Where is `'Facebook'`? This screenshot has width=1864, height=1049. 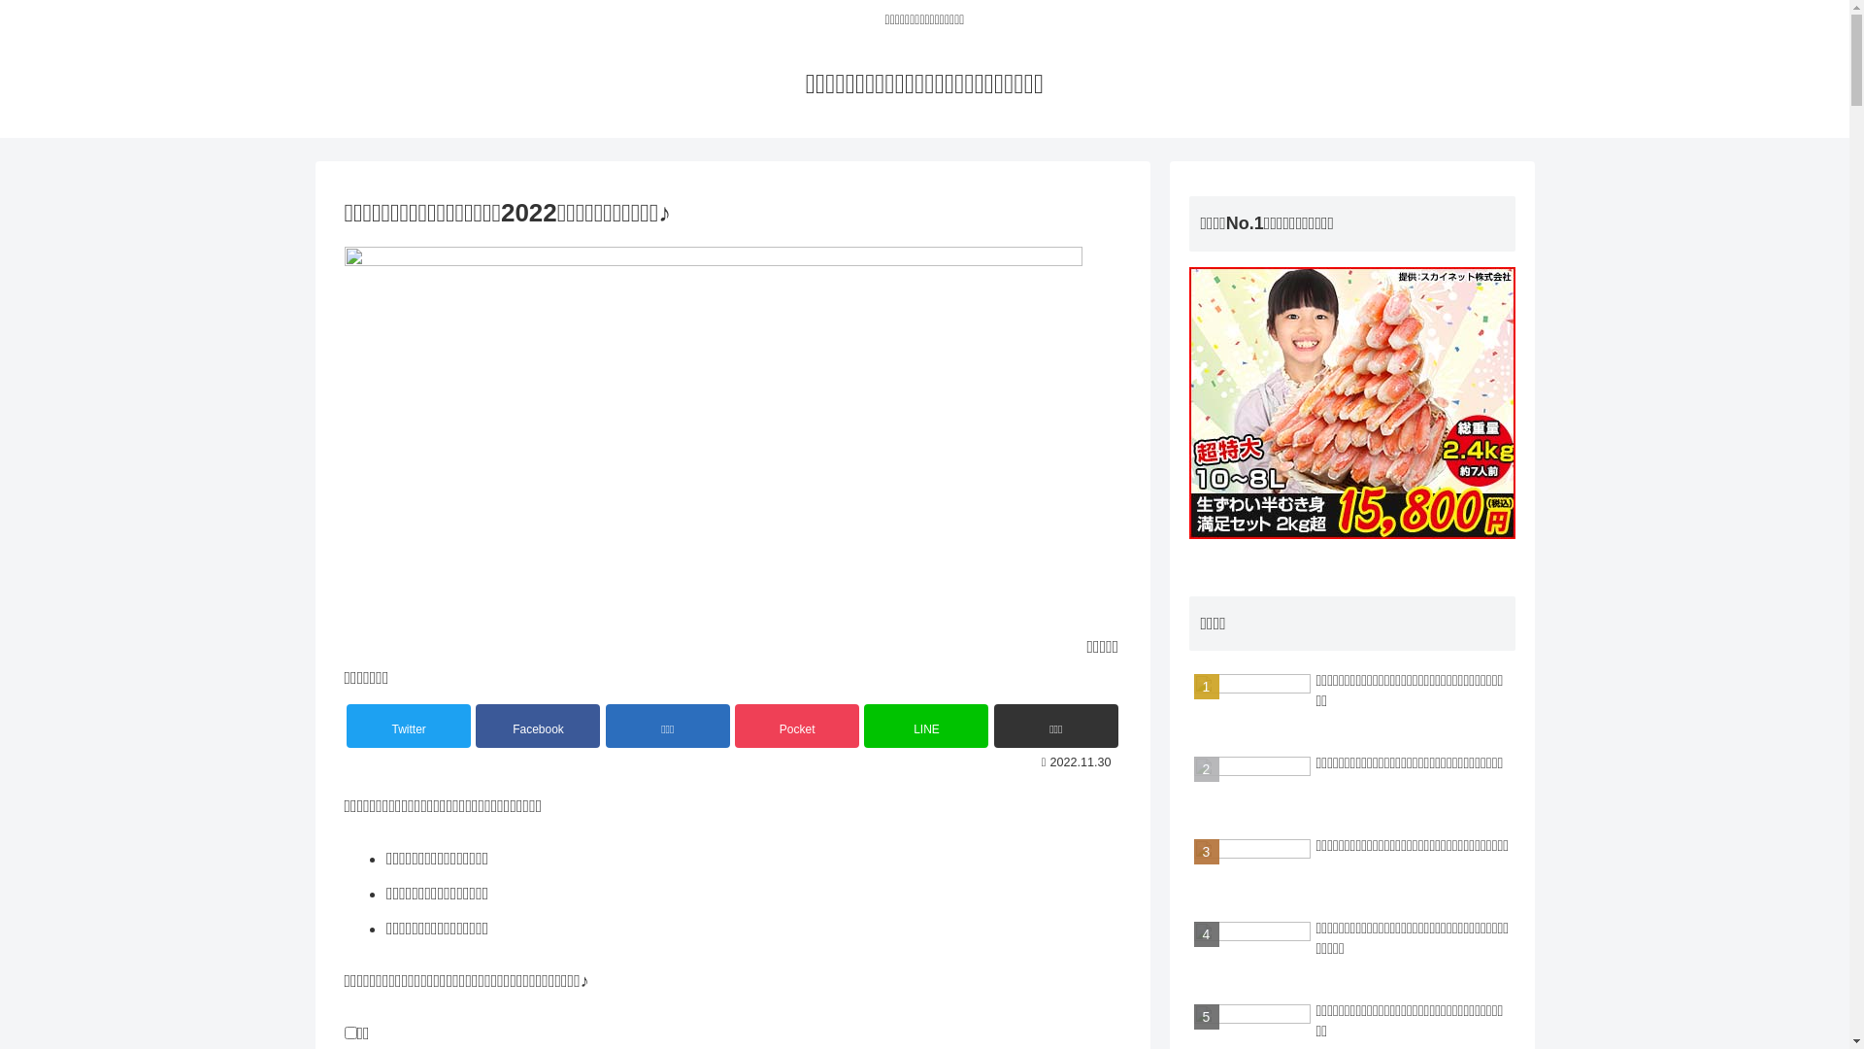 'Facebook' is located at coordinates (475, 726).